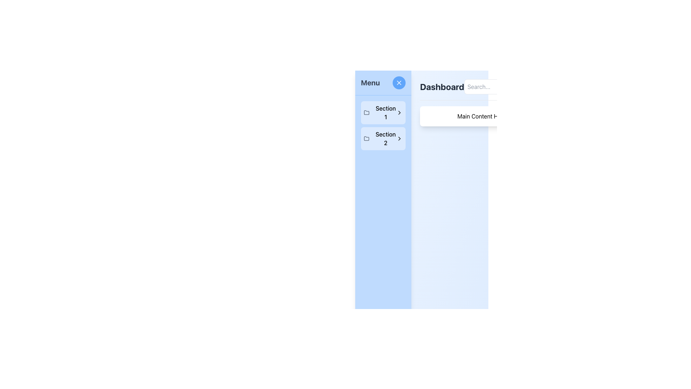 The height and width of the screenshot is (389, 691). I want to click on the text label that serves as a header or title, indicating the current section or content focus, located to the leftmost side adjacent to a search bar and icon, so click(442, 86).